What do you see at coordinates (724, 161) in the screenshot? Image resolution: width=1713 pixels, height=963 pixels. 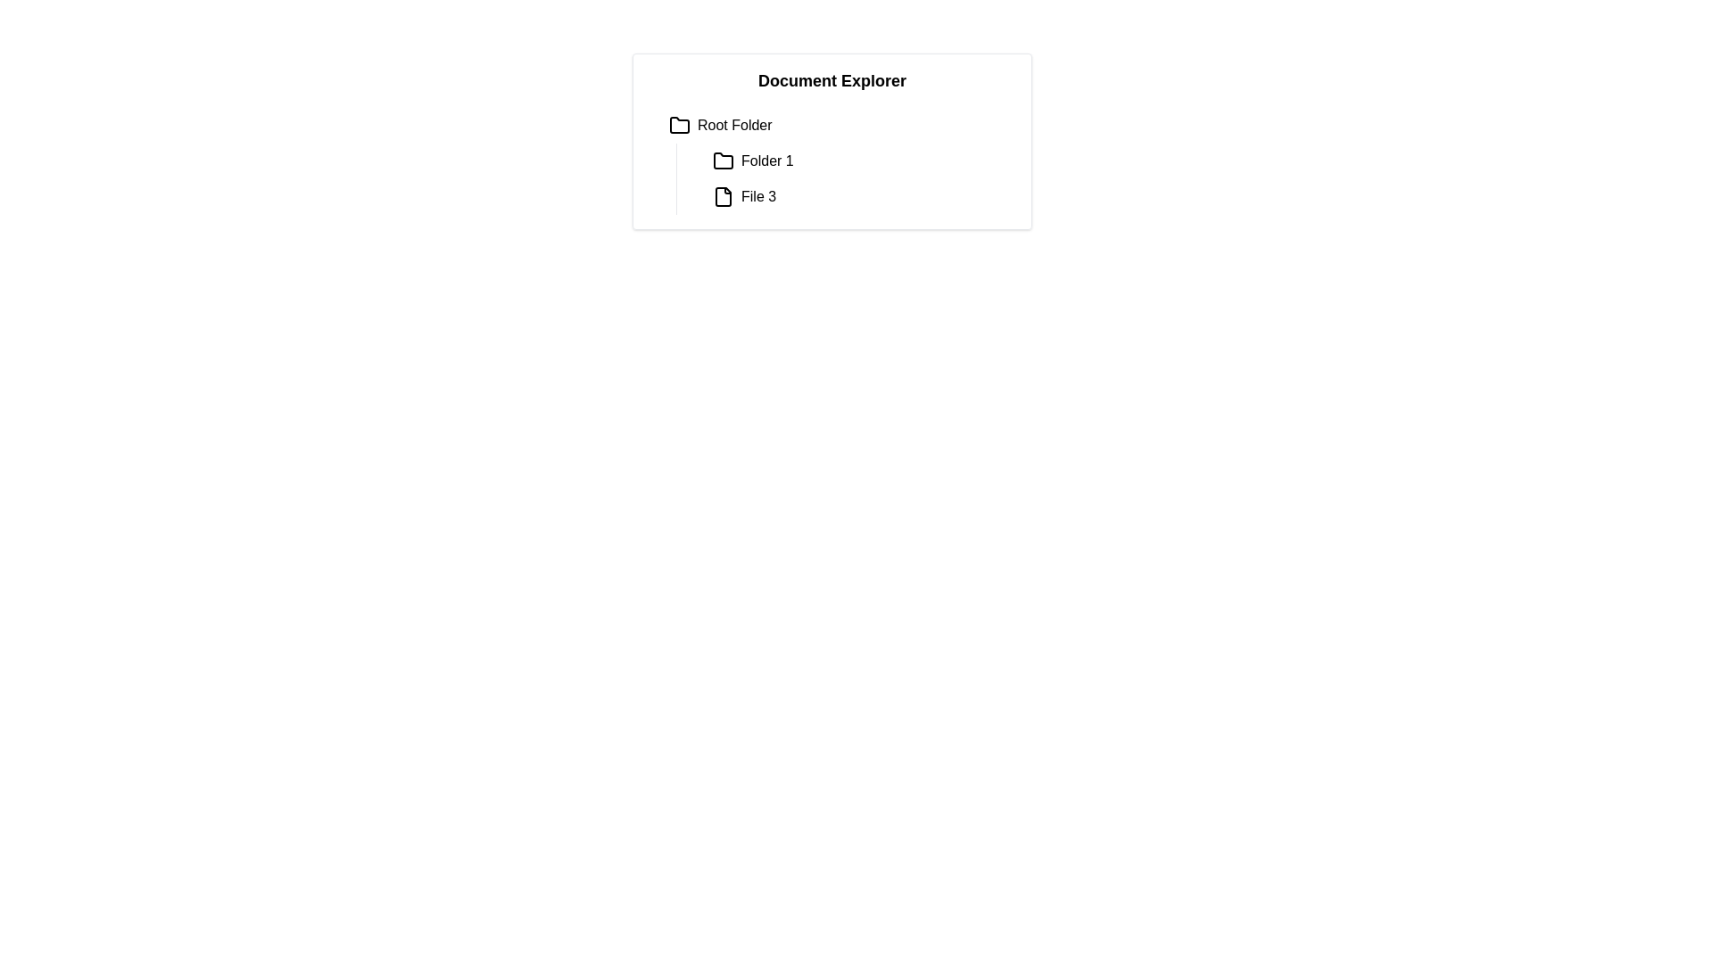 I see `the folder icon labeled 'Folder 1'` at bounding box center [724, 161].